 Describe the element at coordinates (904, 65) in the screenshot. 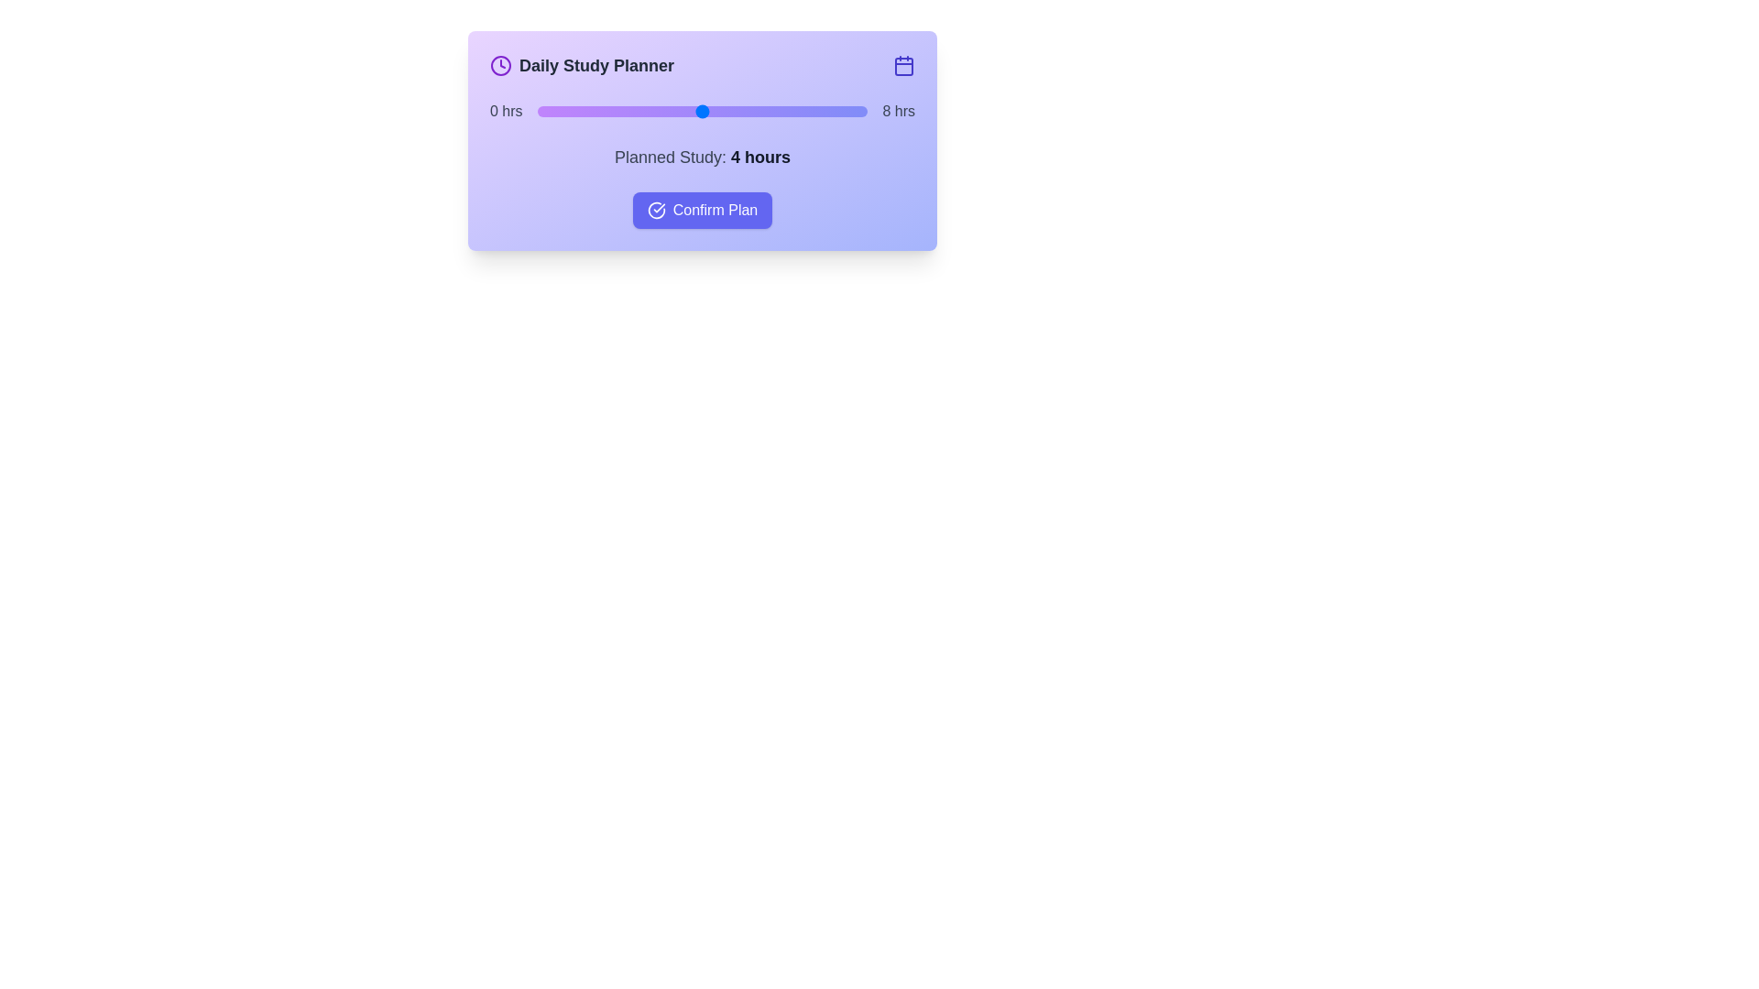

I see `the calendar icon to trigger its functionality` at that location.